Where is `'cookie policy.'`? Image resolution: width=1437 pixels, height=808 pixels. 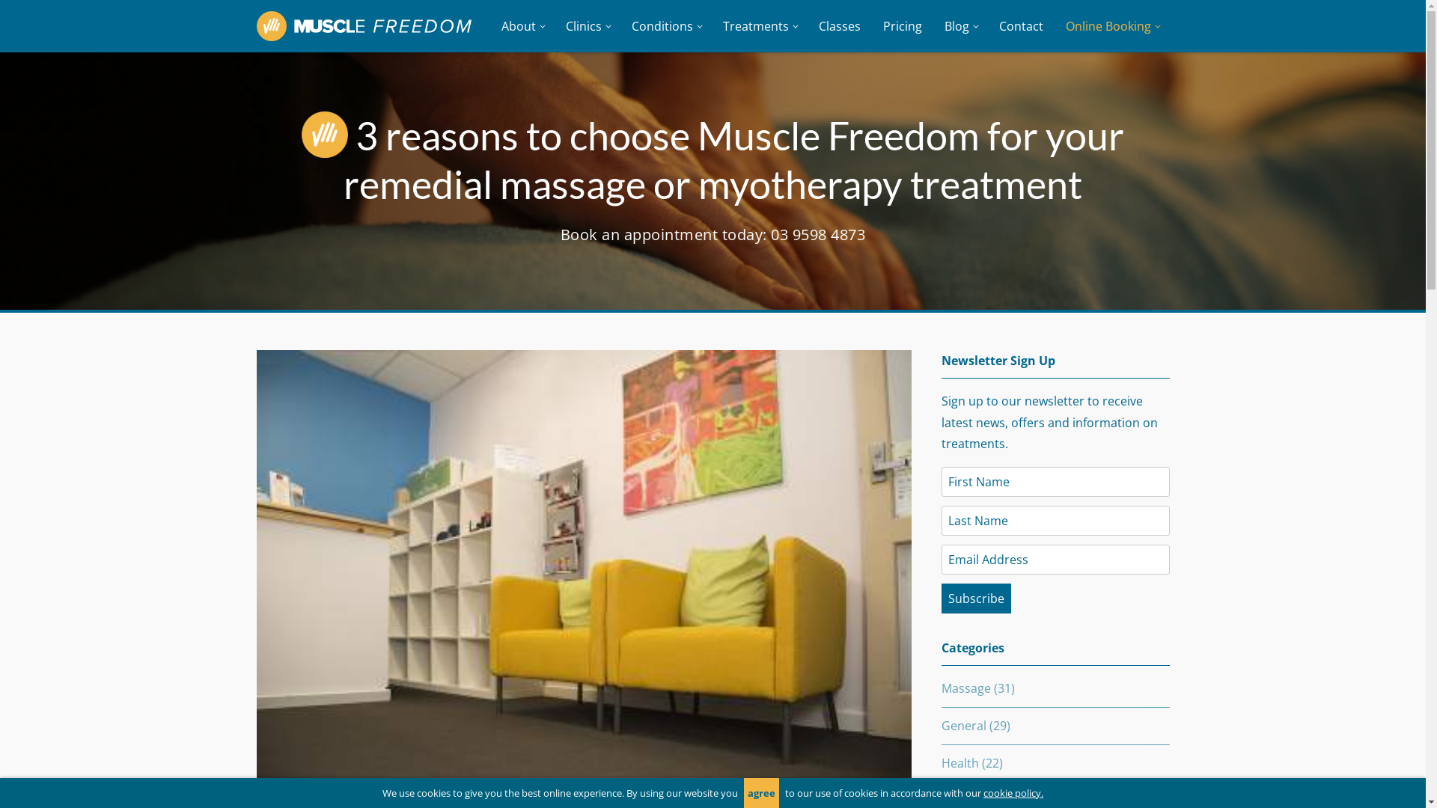
'cookie policy.' is located at coordinates (1013, 792).